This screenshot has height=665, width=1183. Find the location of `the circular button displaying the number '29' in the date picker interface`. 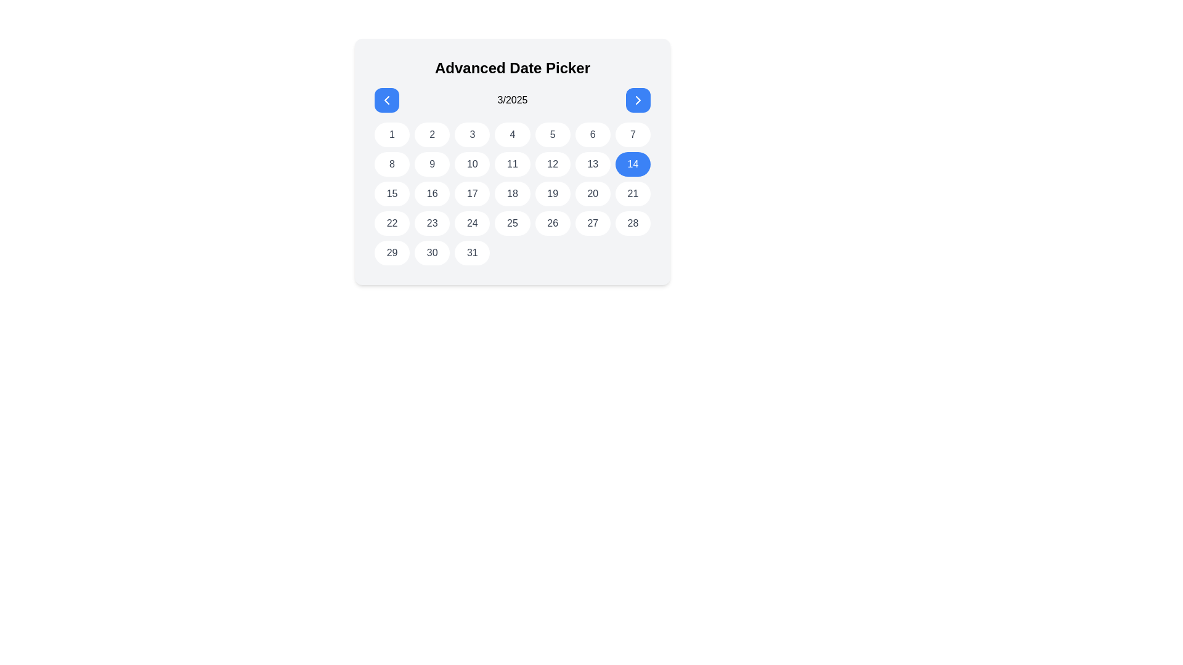

the circular button displaying the number '29' in the date picker interface is located at coordinates (391, 252).